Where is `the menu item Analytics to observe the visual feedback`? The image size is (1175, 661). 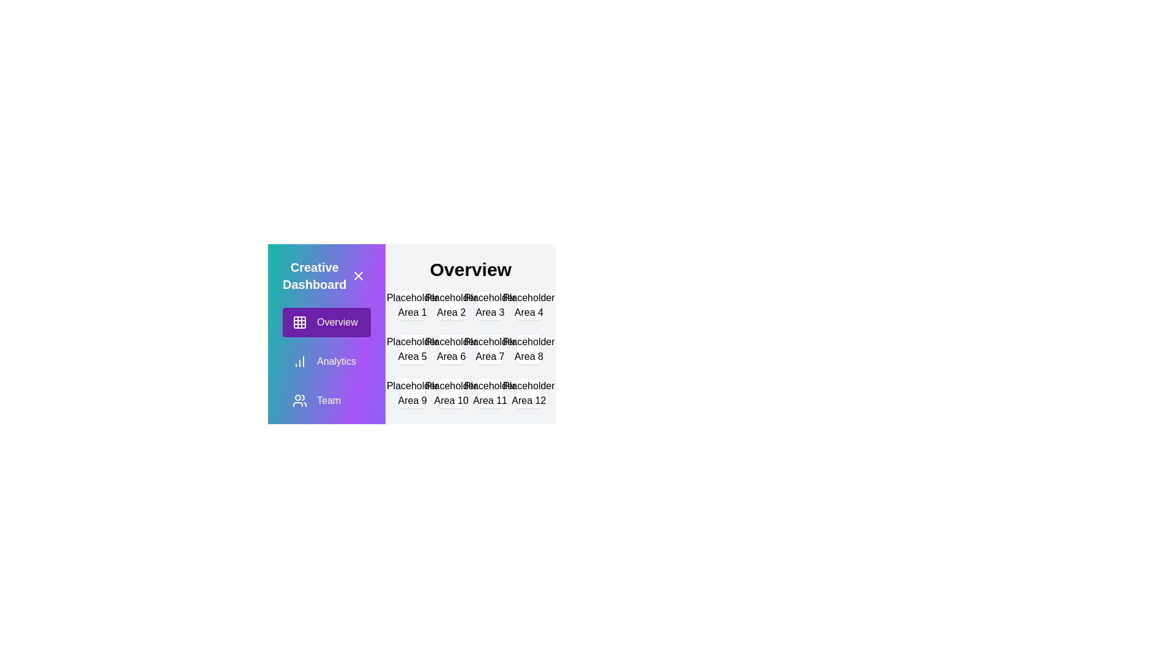
the menu item Analytics to observe the visual feedback is located at coordinates (326, 360).